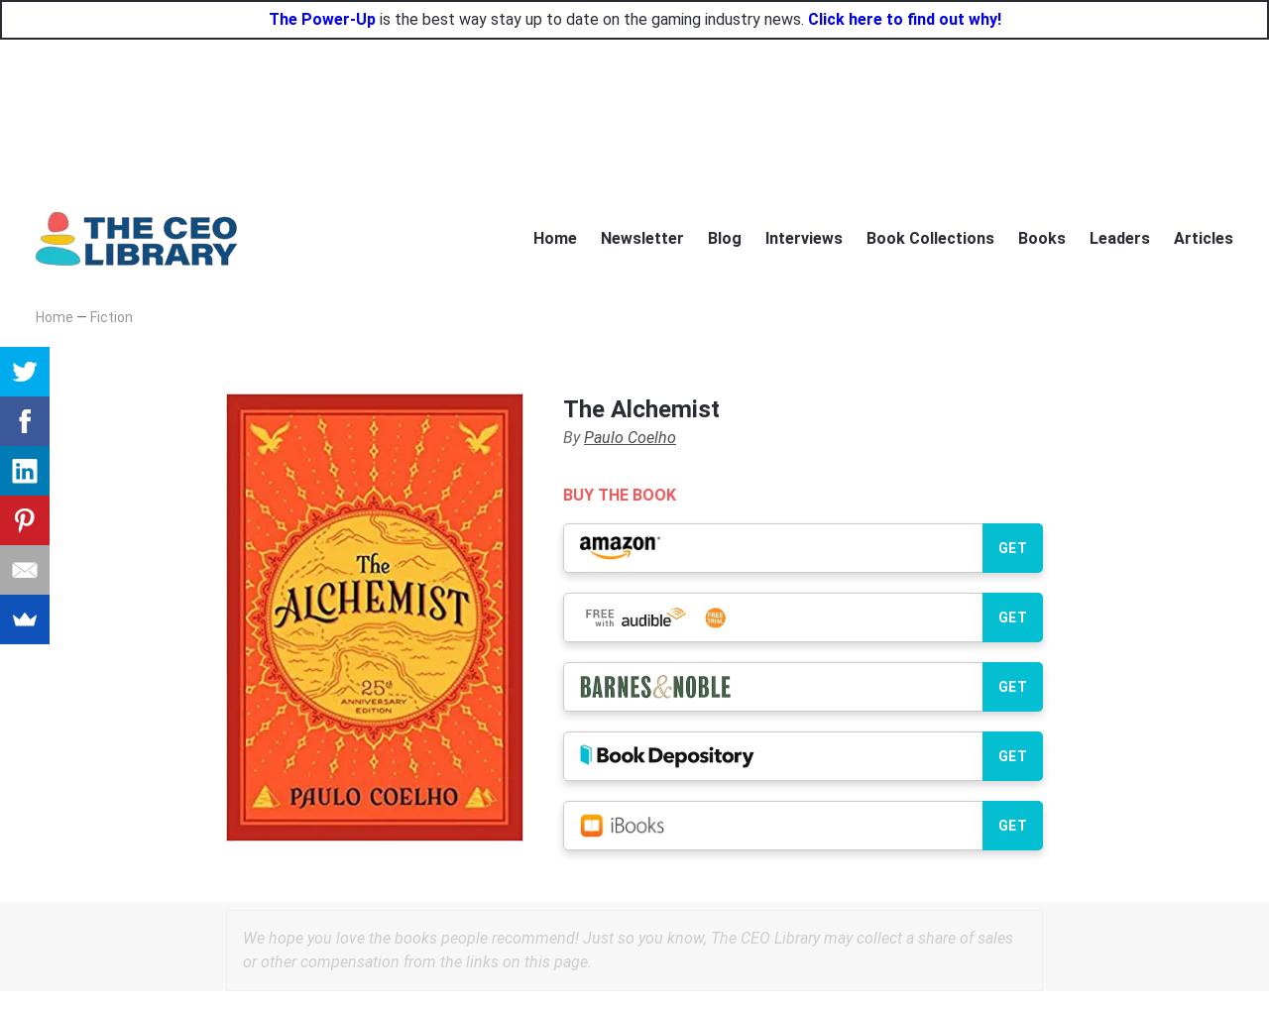 Image resolution: width=1269 pixels, height=1009 pixels. I want to click on 'Books', so click(1041, 236).